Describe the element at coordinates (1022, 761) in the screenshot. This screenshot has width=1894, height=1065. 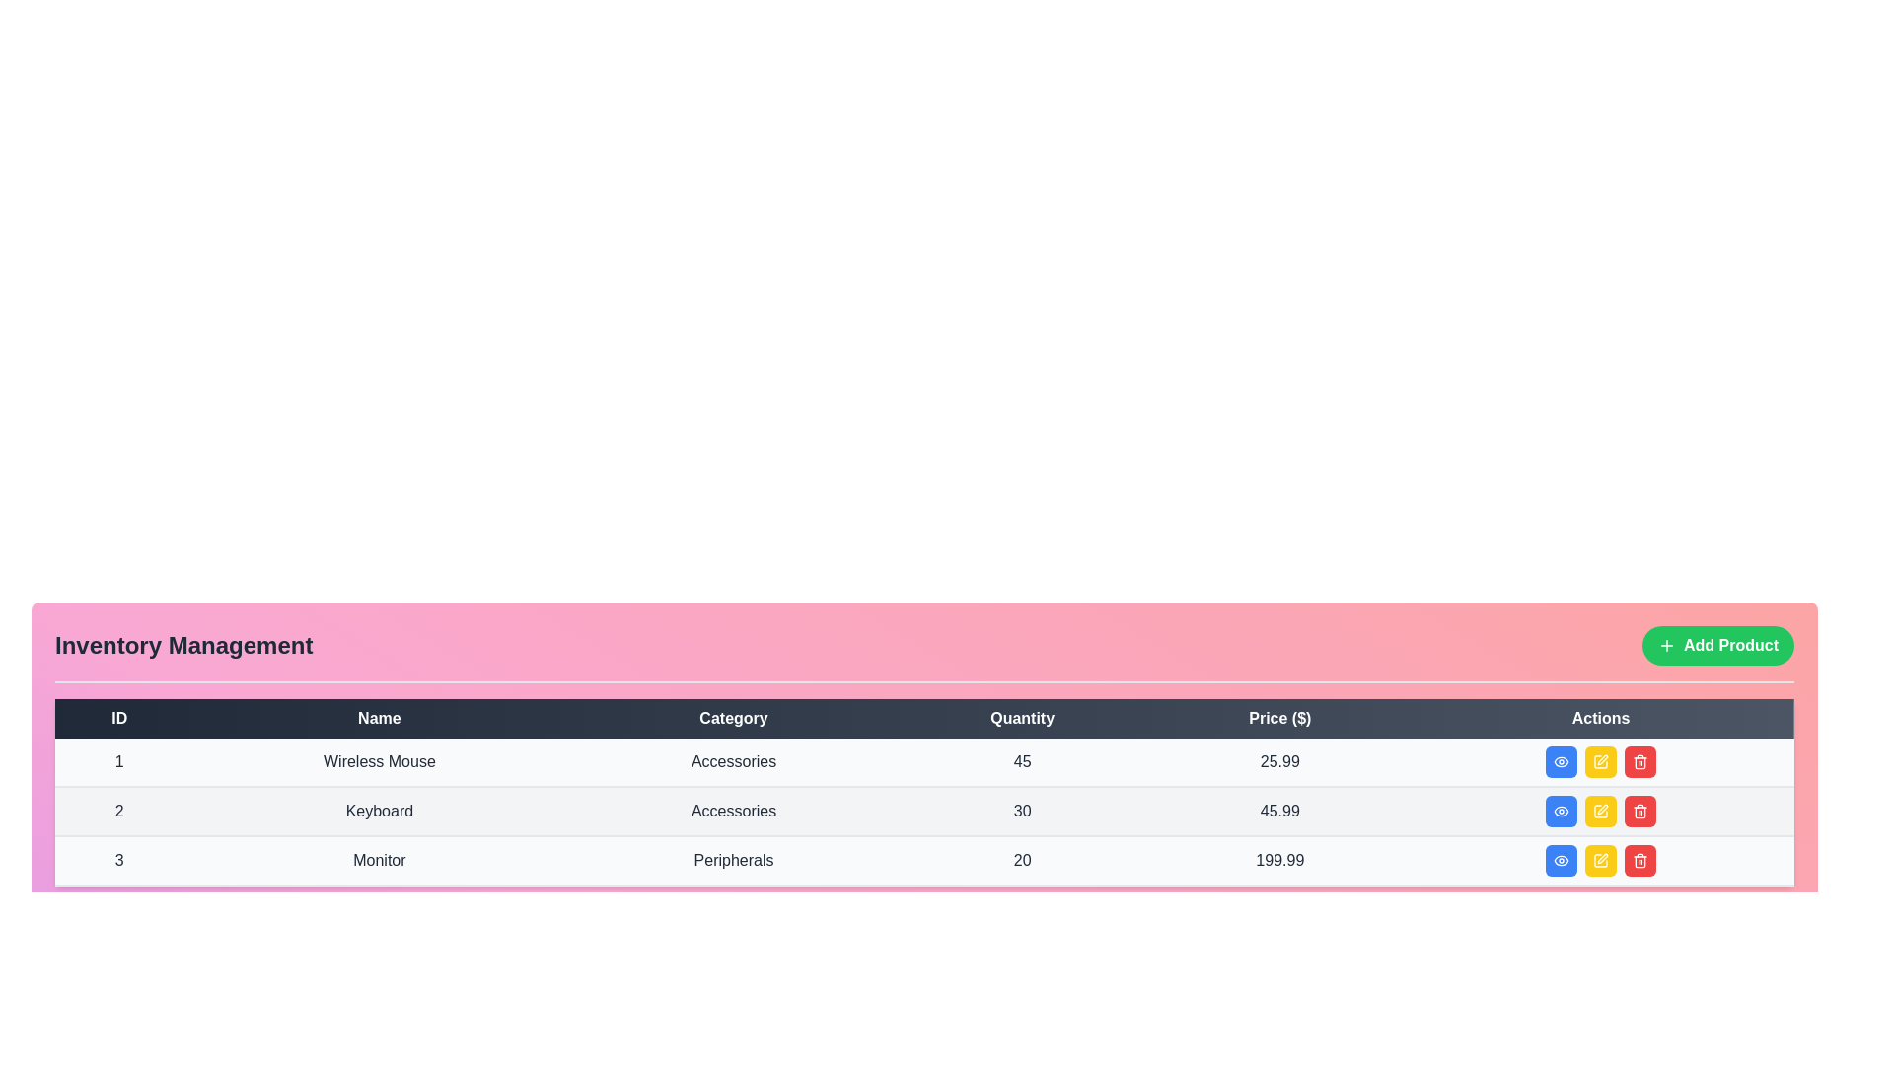
I see `the static text element displaying the quantity of 'Wireless Mouse' in the inventory, located in the third column of the first row under the 'Quantity' heading` at that location.